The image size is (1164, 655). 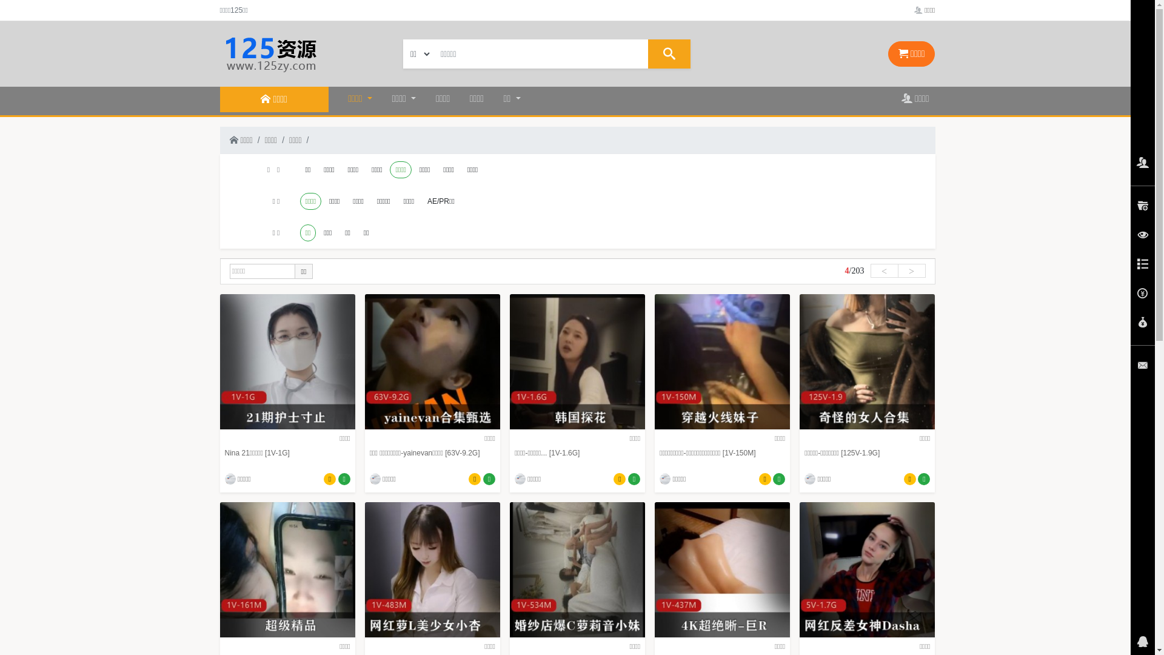 I want to click on '<', so click(x=869, y=270).